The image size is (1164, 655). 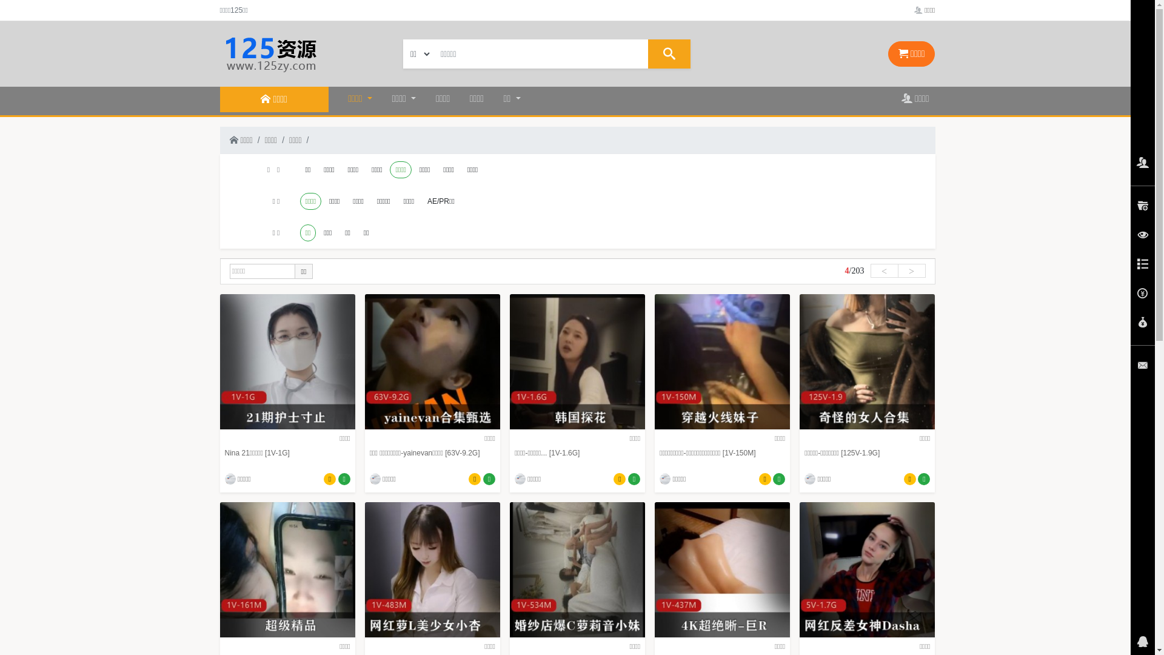 I want to click on '<', so click(x=869, y=270).